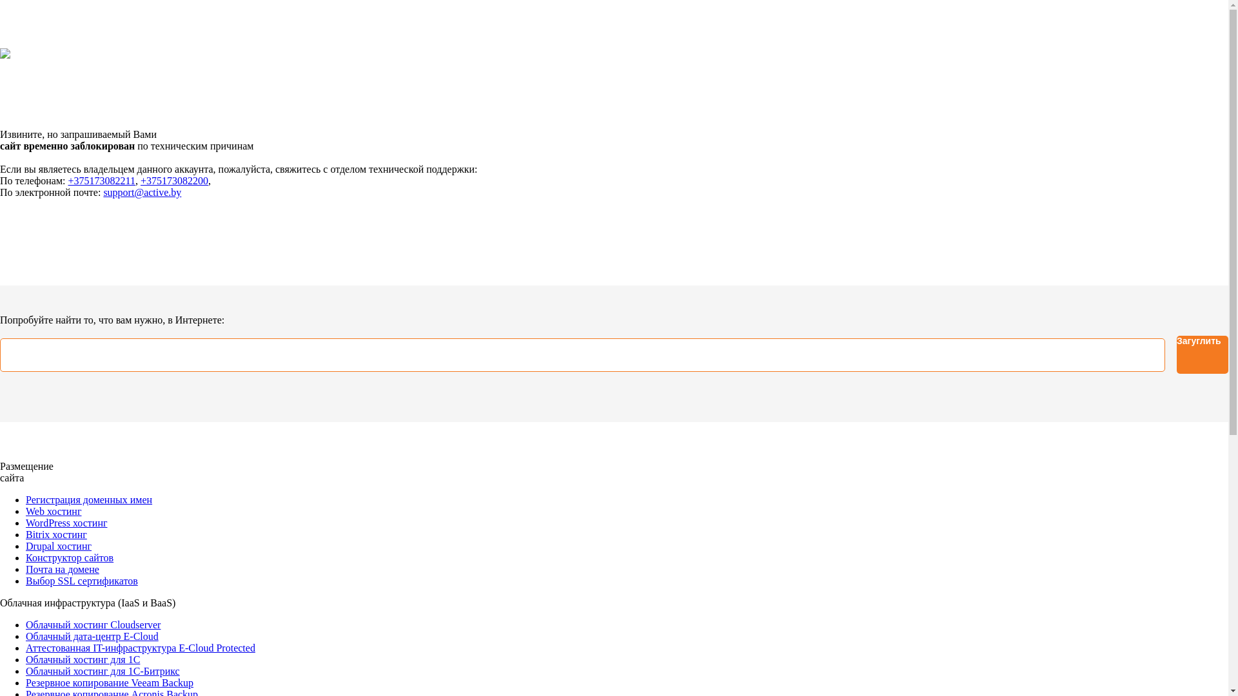 This screenshot has height=696, width=1238. What do you see at coordinates (140, 180) in the screenshot?
I see `'+375173082200'` at bounding box center [140, 180].